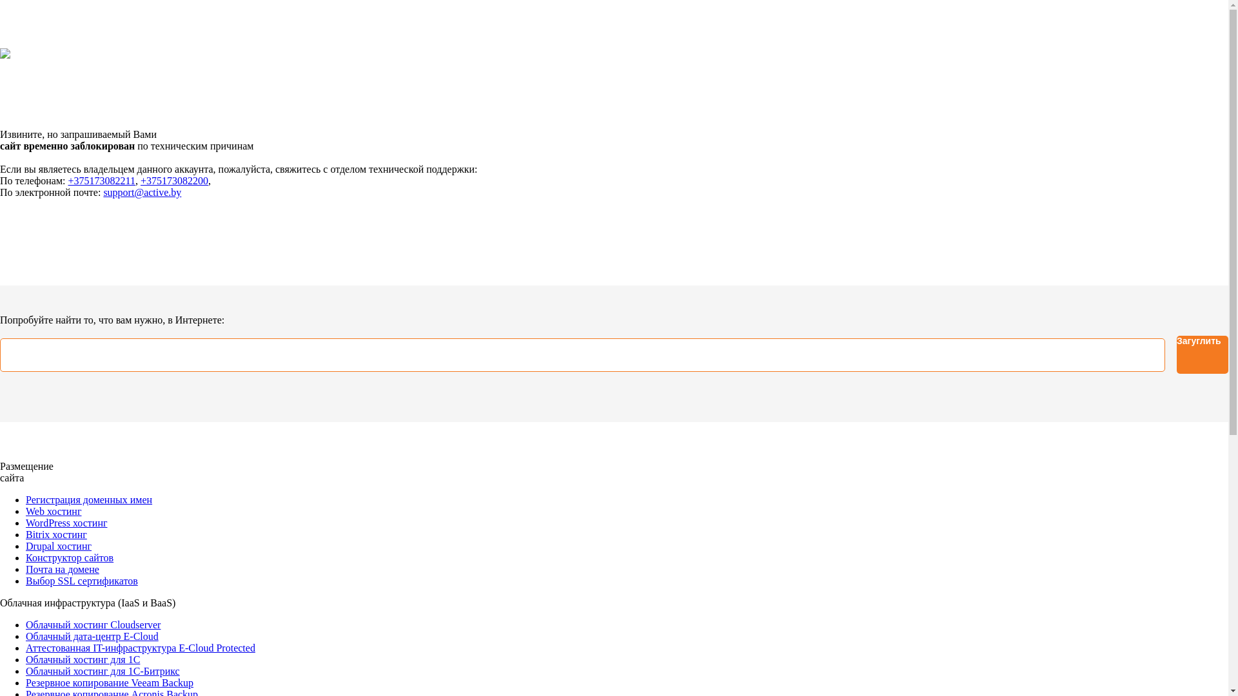 This screenshot has height=696, width=1238. What do you see at coordinates (140, 180) in the screenshot?
I see `'+375173082200'` at bounding box center [140, 180].